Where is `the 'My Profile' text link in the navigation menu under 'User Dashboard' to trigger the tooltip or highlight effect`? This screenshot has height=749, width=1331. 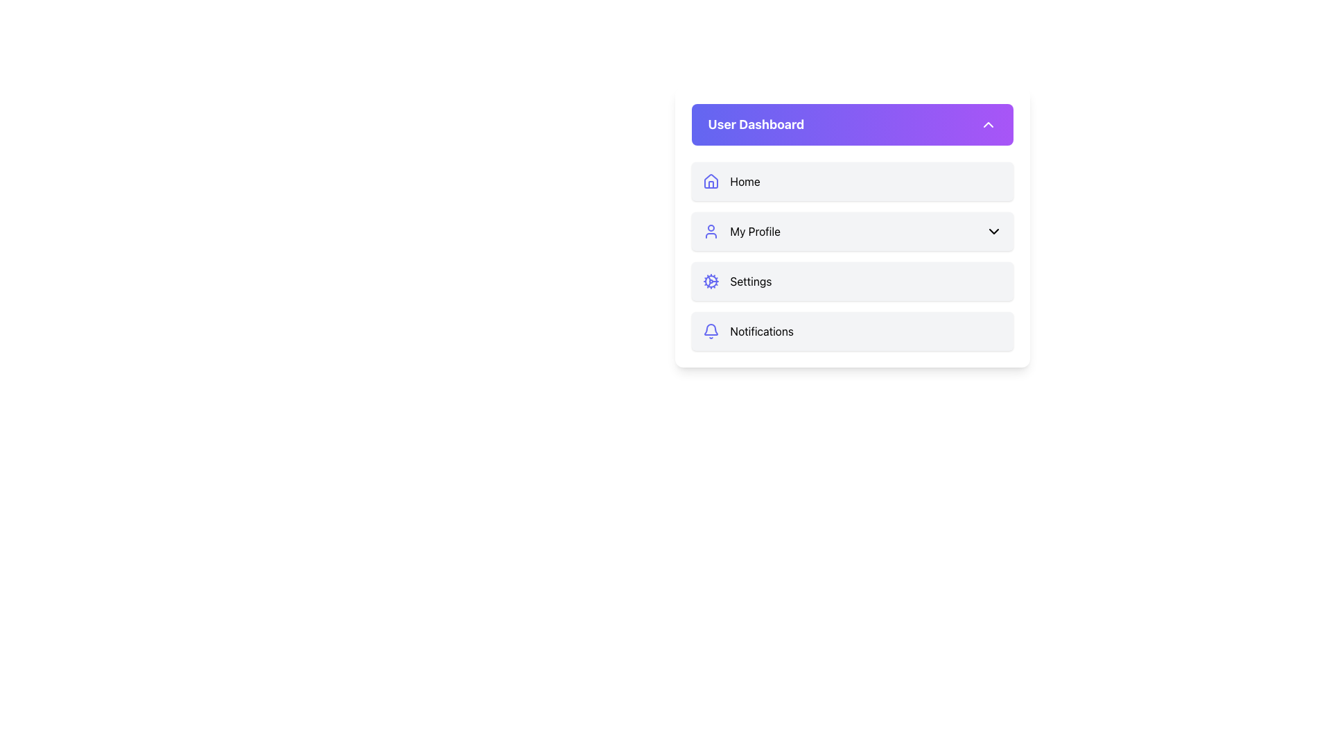
the 'My Profile' text link in the navigation menu under 'User Dashboard' to trigger the tooltip or highlight effect is located at coordinates (754, 231).